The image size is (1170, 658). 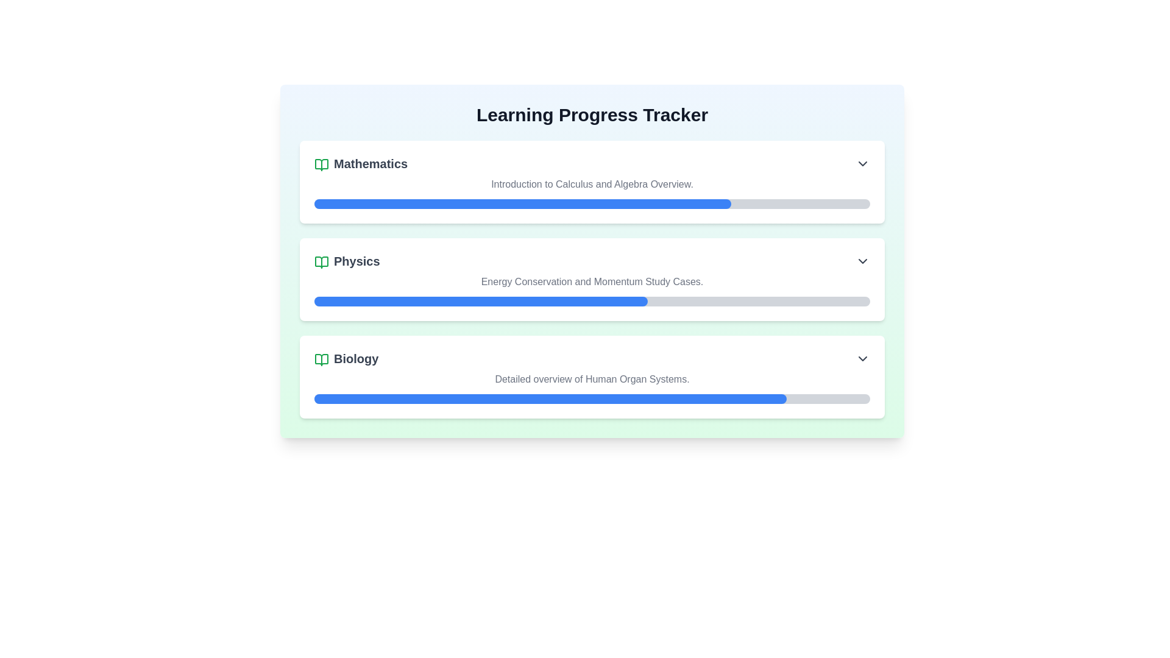 What do you see at coordinates (360, 163) in the screenshot?
I see `the text label component that identifies the subject 'Mathematics', located in the top section of the list-like layout` at bounding box center [360, 163].